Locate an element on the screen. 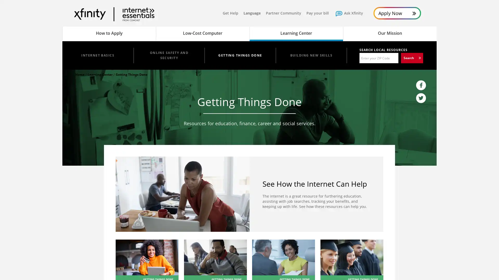 This screenshot has width=499, height=280. Search is located at coordinates (411, 57).